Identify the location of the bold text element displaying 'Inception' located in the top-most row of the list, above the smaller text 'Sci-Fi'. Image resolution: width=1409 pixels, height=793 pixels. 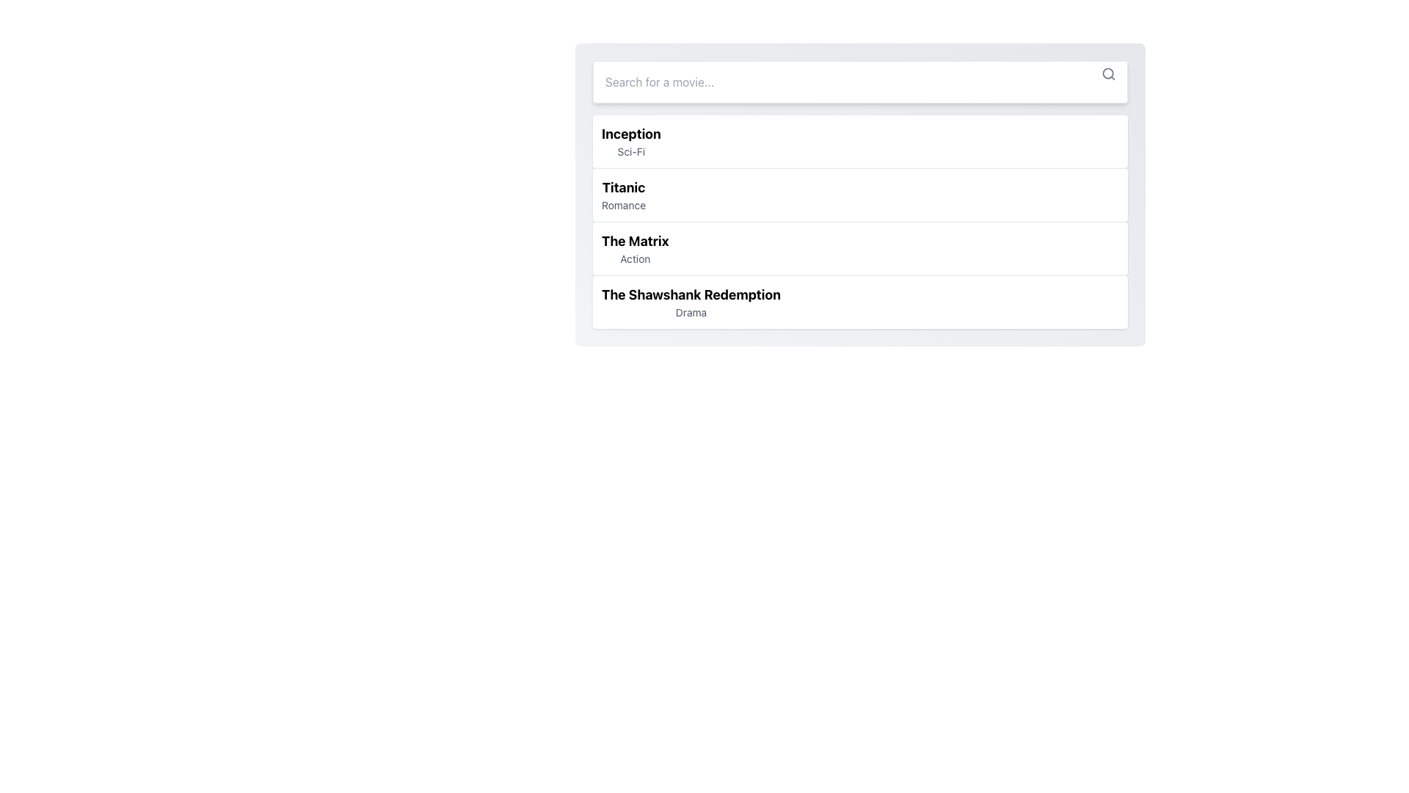
(631, 134).